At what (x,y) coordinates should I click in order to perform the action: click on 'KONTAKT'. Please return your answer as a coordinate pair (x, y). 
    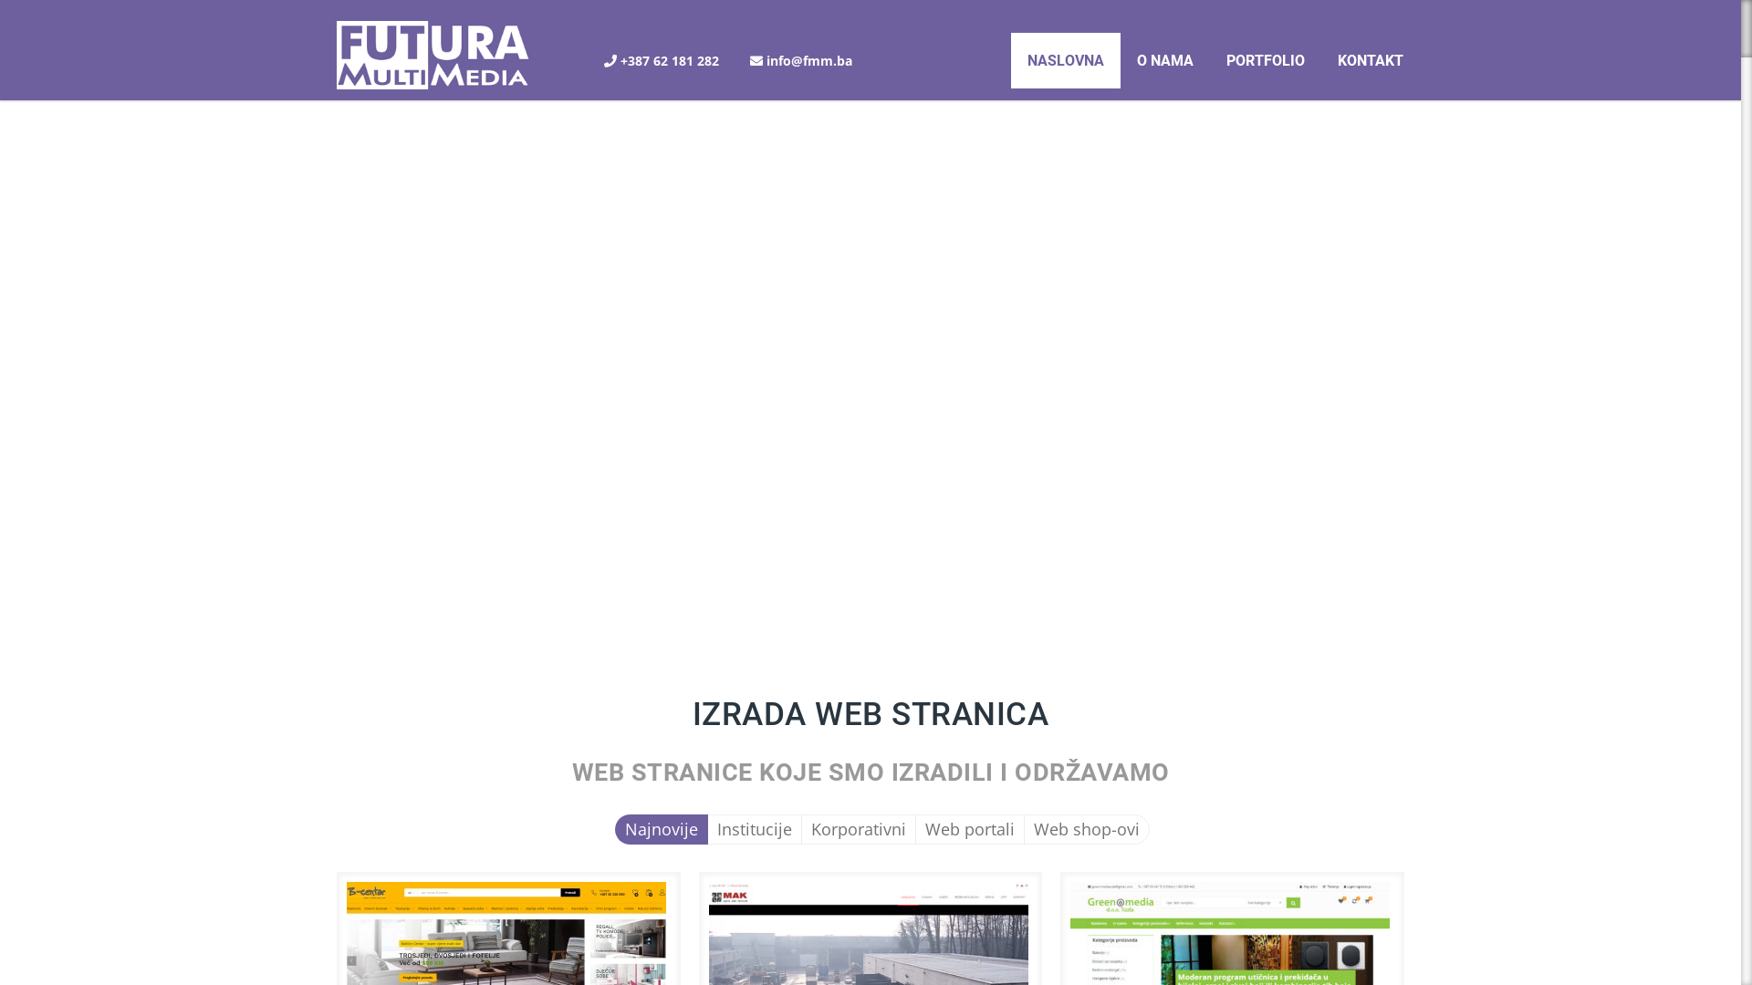
    Looking at the image, I should click on (1371, 59).